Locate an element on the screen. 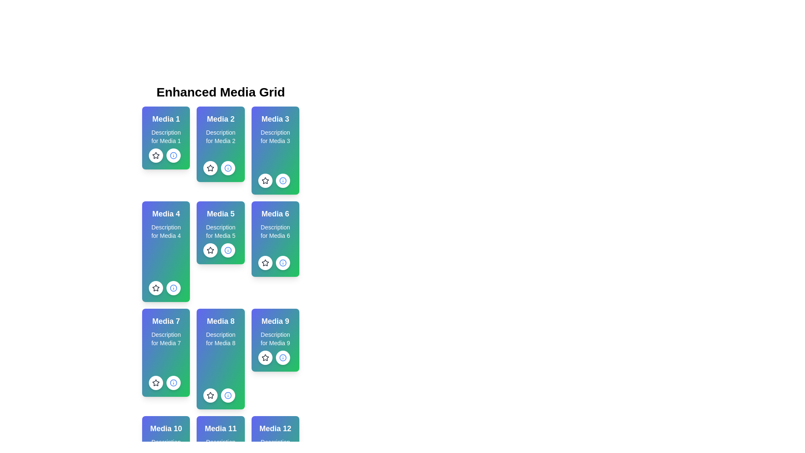 This screenshot has width=805, height=453. the star icon located is located at coordinates (156, 155).